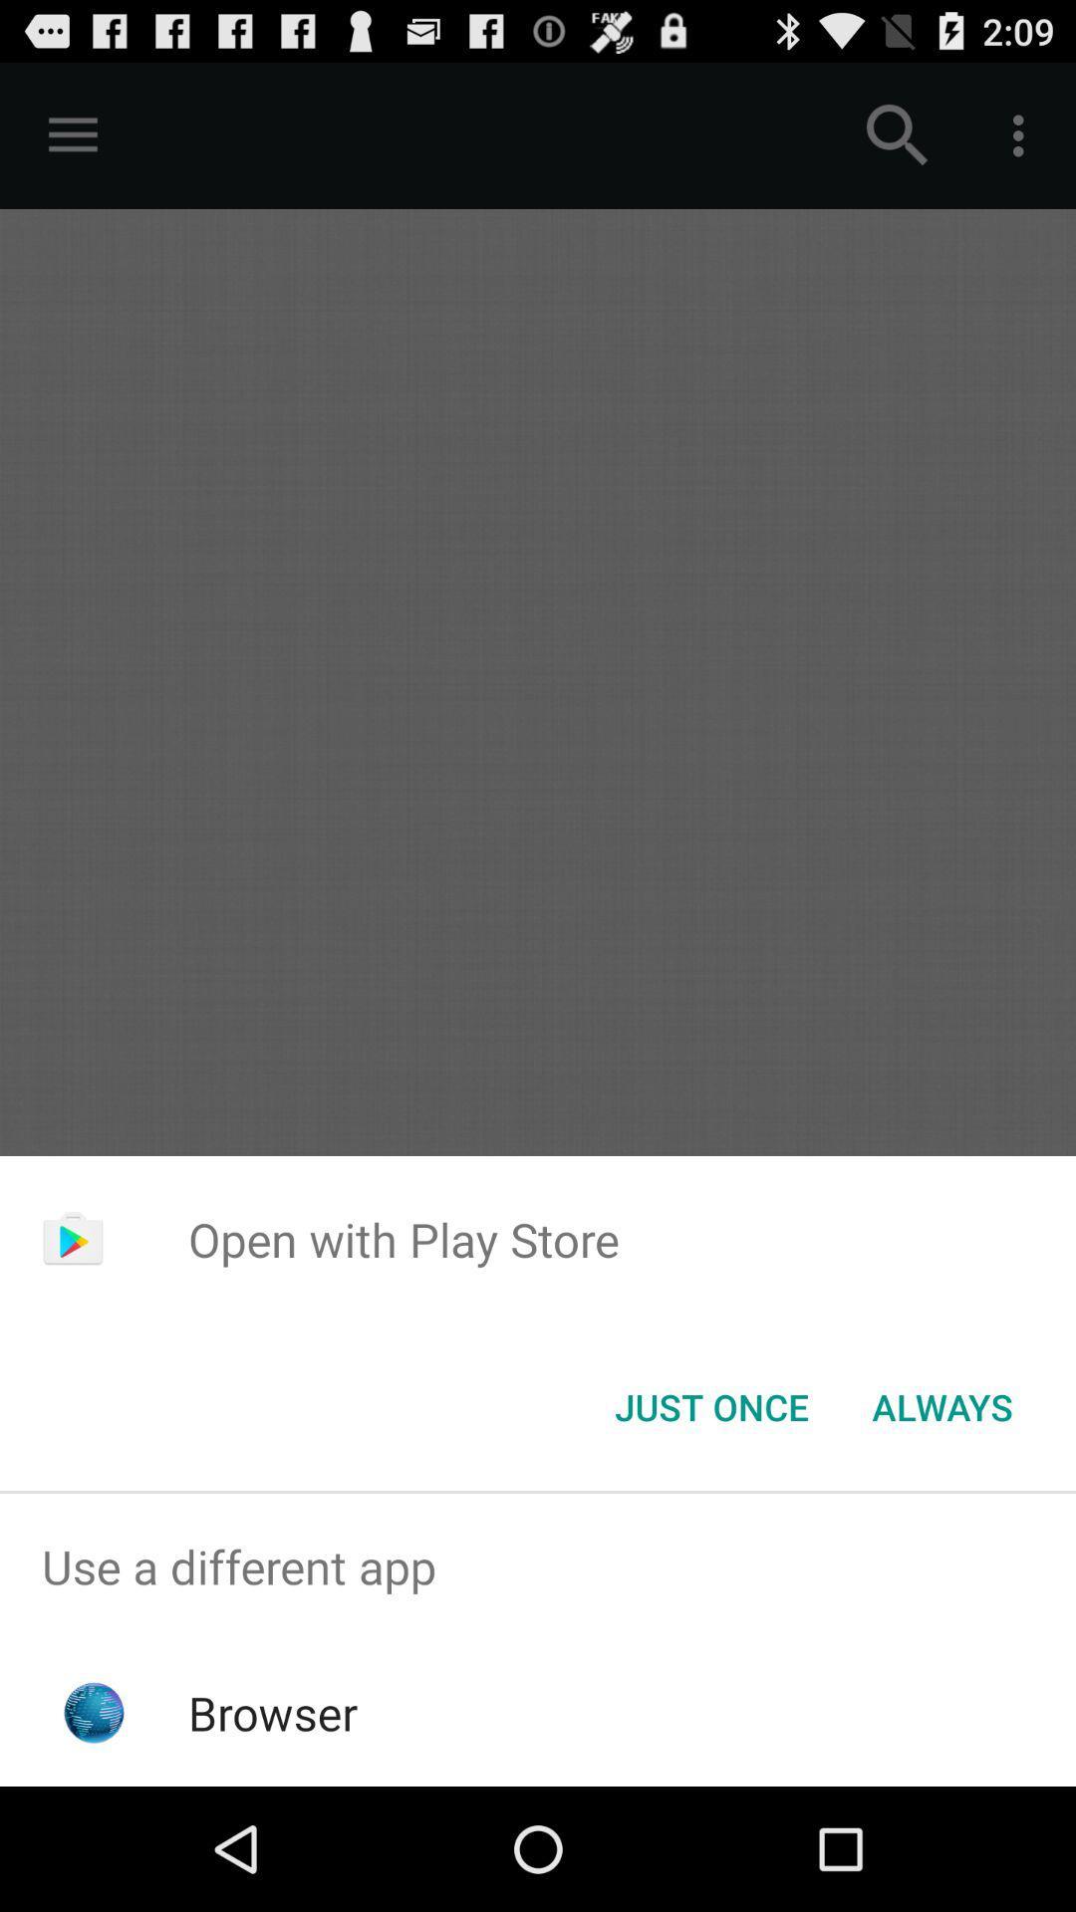  Describe the element at coordinates (710, 1405) in the screenshot. I see `the just once` at that location.